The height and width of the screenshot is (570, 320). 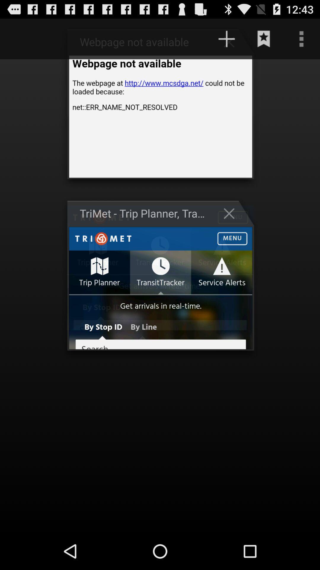 I want to click on the more icon, so click(x=301, y=41).